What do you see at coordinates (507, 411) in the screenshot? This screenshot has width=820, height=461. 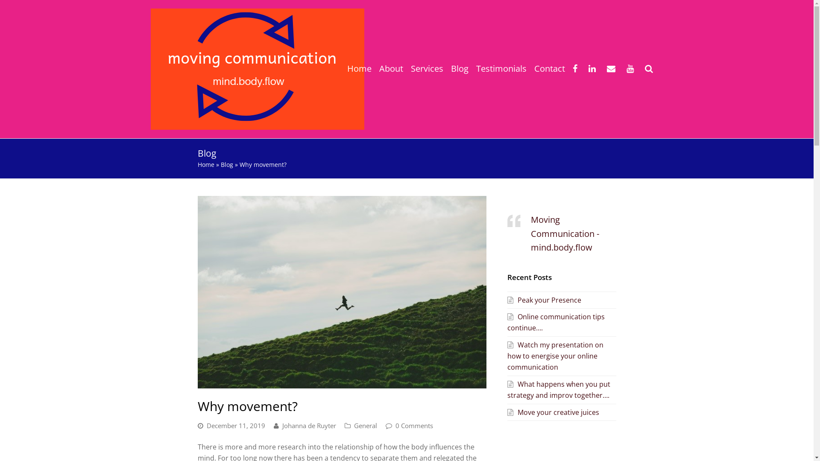 I see `'Move your creative juices'` at bounding box center [507, 411].